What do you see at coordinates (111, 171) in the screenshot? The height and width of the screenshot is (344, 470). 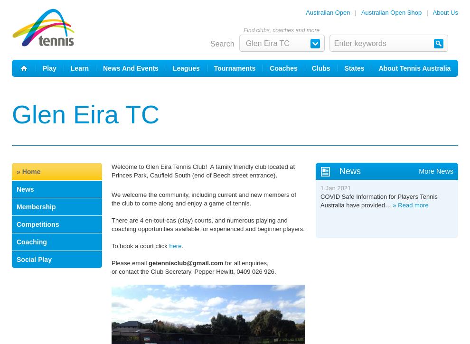 I see `'Welcome to Glen Eira Tennis Club!  A family friendly club located at Princes Park, Caufield South (end of Beech street entrance).'` at bounding box center [111, 171].